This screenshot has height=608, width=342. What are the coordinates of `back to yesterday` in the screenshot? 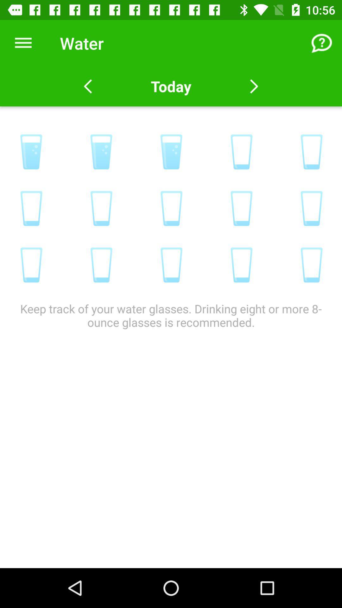 It's located at (88, 86).